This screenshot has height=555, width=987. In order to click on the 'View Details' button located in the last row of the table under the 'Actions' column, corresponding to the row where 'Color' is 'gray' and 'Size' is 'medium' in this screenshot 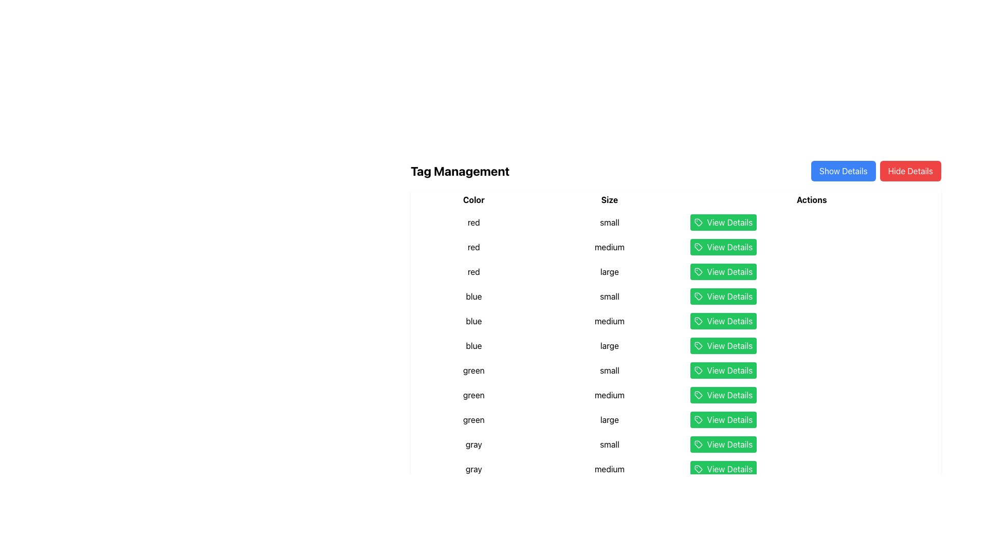, I will do `click(723, 469)`.